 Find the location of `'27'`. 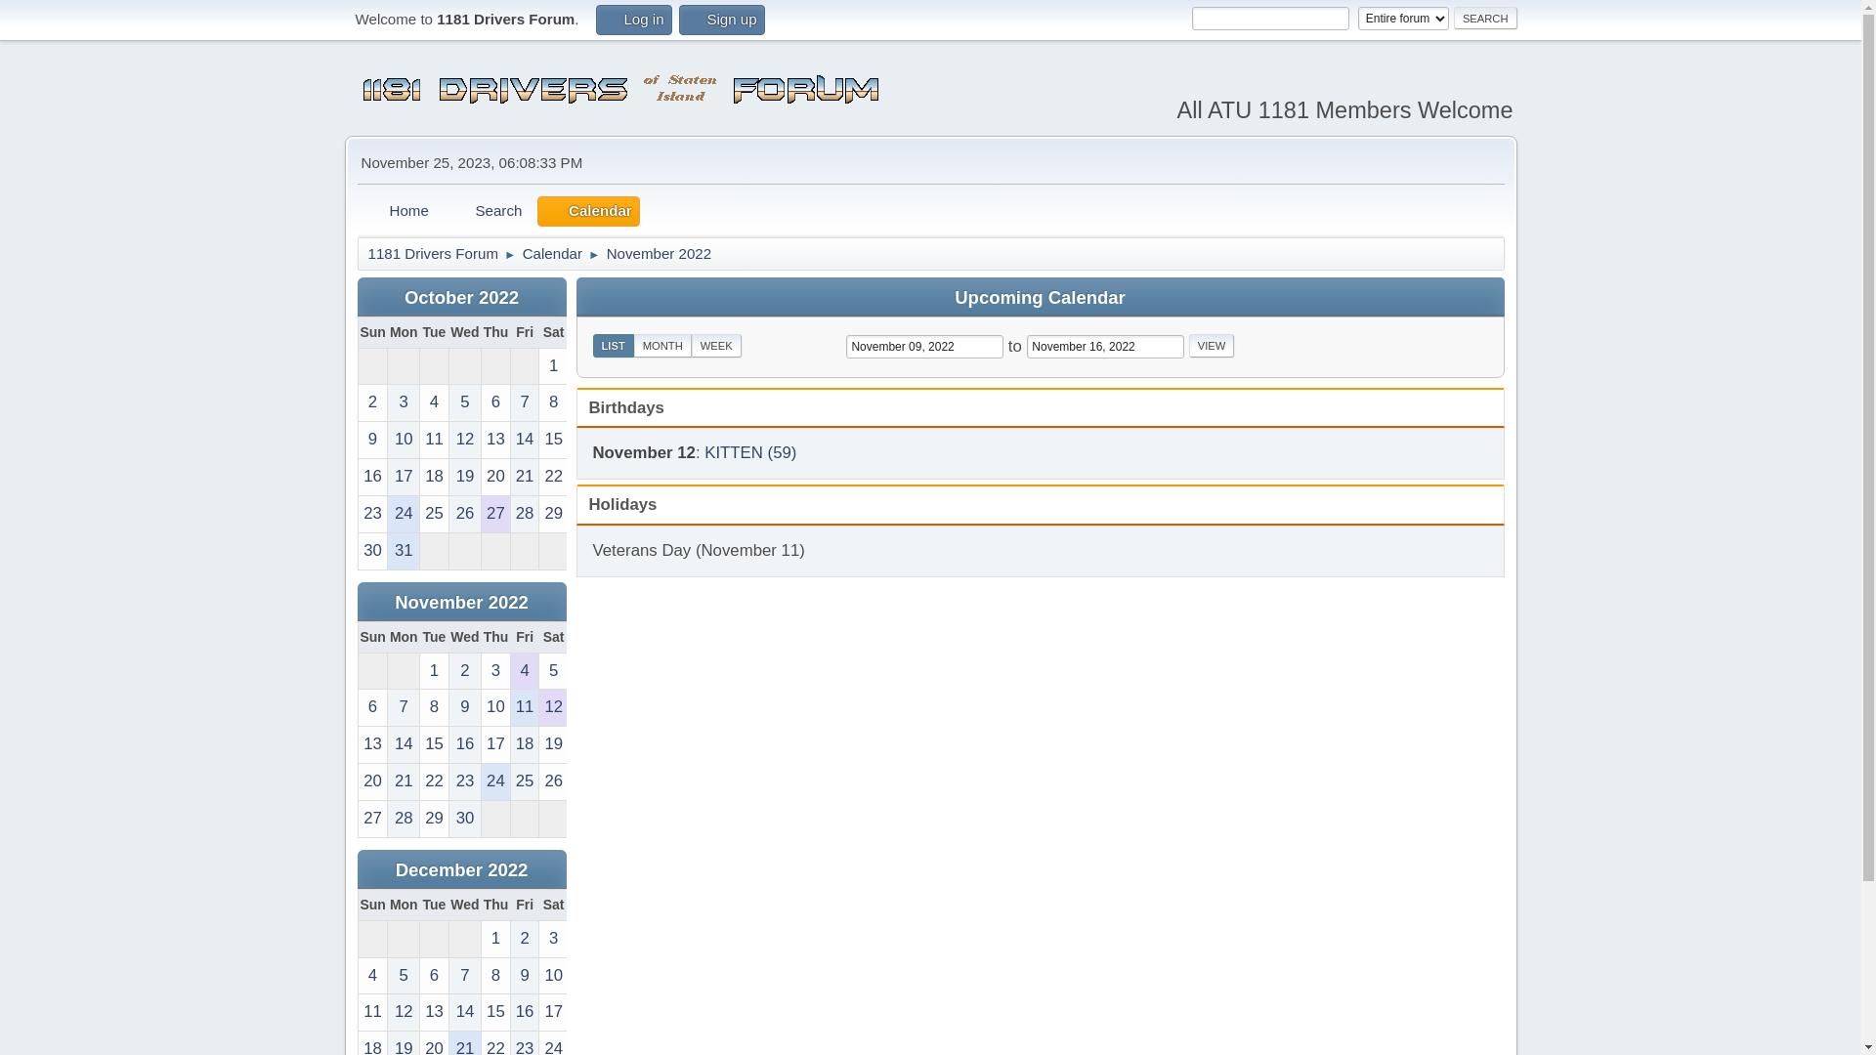

'27' is located at coordinates (371, 819).